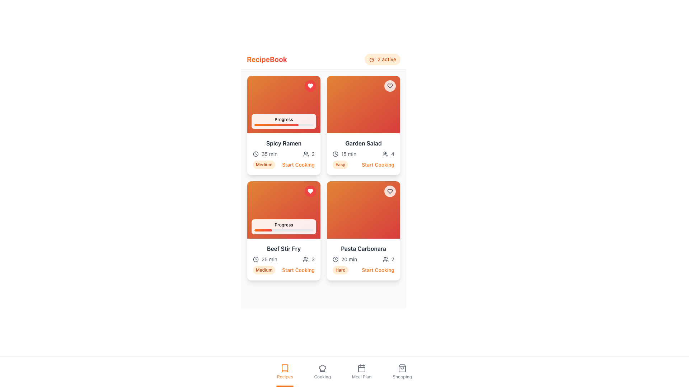  I want to click on the button for the 'Pasta Carbonara' recipe, so click(378, 270).